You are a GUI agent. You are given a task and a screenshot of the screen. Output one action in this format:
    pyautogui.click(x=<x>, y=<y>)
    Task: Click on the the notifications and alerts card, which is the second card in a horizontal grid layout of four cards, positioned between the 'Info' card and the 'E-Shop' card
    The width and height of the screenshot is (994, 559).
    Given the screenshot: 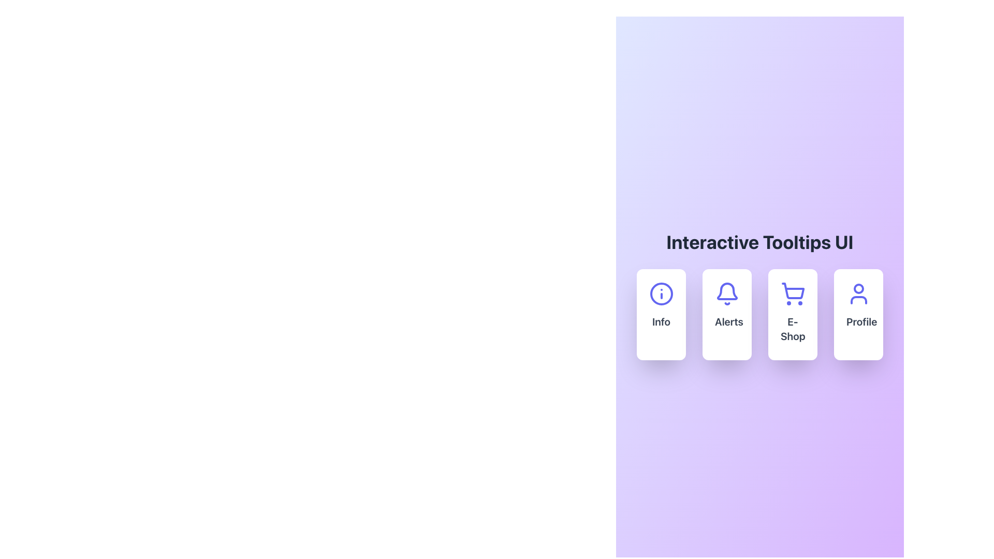 What is the action you would take?
    pyautogui.click(x=726, y=314)
    